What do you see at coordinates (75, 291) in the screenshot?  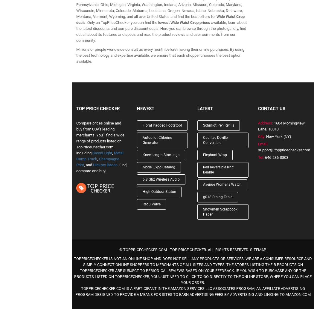 I see `'TopPriceChecker.com is a participant in the Amazon Services LLC Associates Program, an affiliate advertising program designed to provide a means for sites to earn advertising fees by advertising and linking to Amazon.com'` at bounding box center [75, 291].